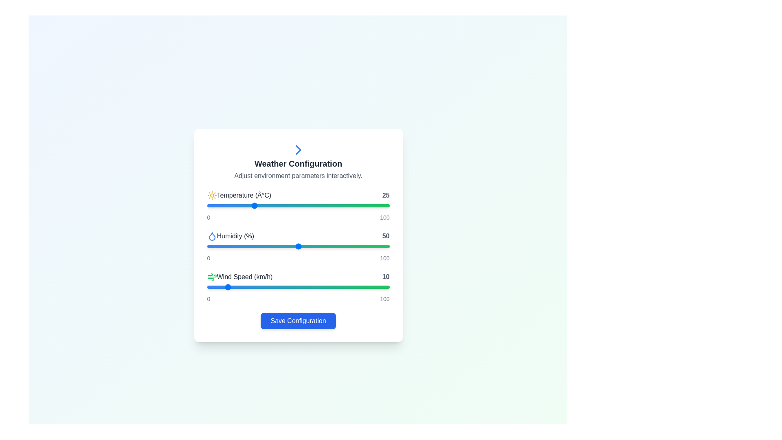 The width and height of the screenshot is (782, 440). What do you see at coordinates (374, 246) in the screenshot?
I see `the humidity level` at bounding box center [374, 246].